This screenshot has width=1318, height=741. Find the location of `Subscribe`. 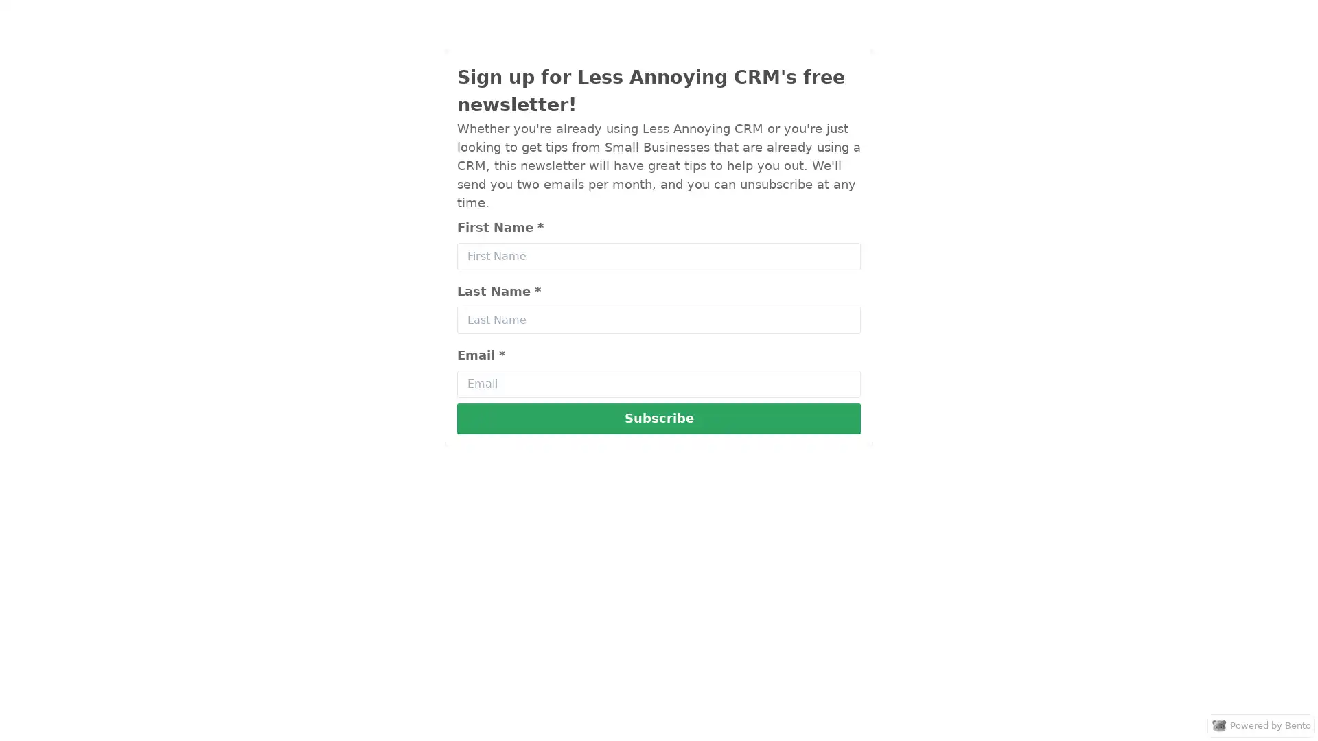

Subscribe is located at coordinates (659, 417).